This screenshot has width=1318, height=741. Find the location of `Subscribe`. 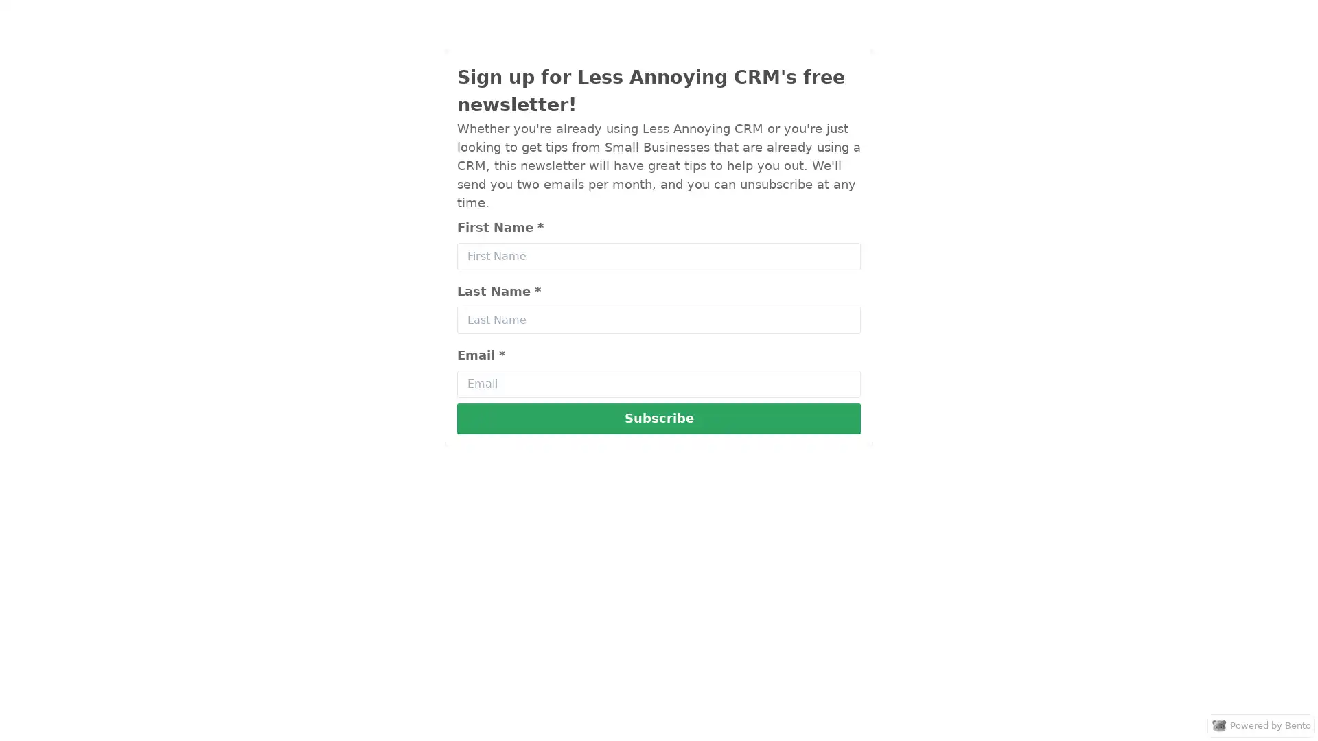

Subscribe is located at coordinates (659, 417).